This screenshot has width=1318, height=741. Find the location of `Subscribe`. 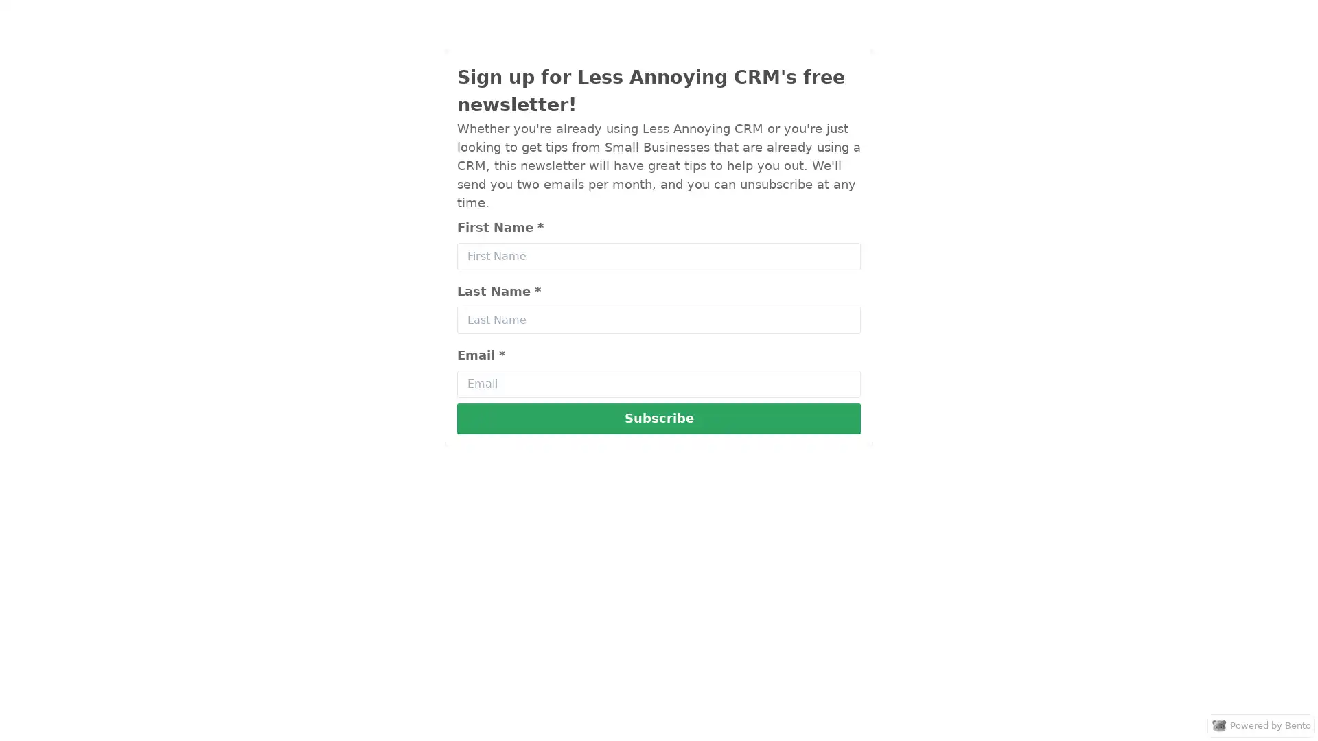

Subscribe is located at coordinates (659, 417).